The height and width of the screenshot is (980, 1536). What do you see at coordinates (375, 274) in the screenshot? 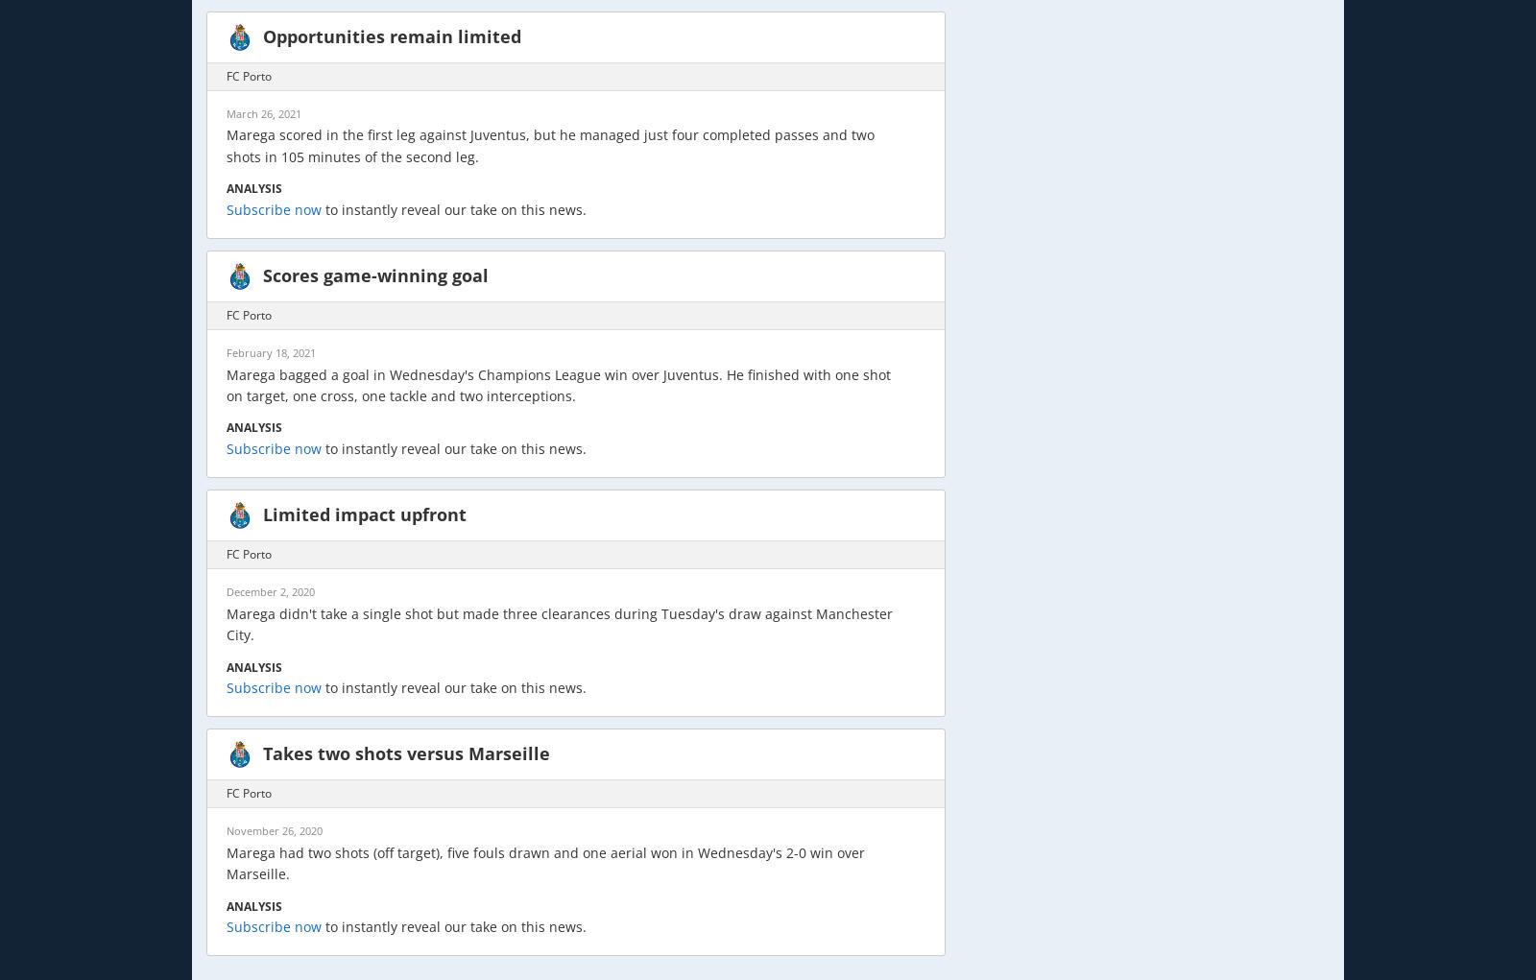
I see `'Scores game-winning goal'` at bounding box center [375, 274].